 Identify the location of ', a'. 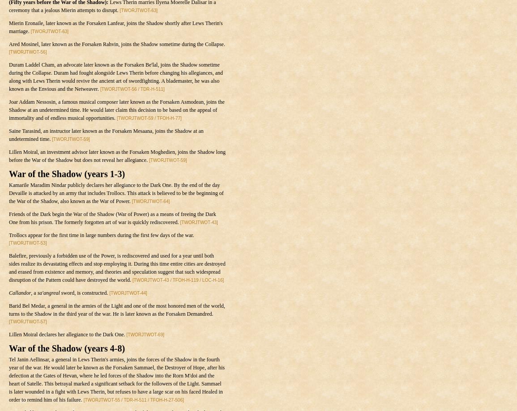
(30, 292).